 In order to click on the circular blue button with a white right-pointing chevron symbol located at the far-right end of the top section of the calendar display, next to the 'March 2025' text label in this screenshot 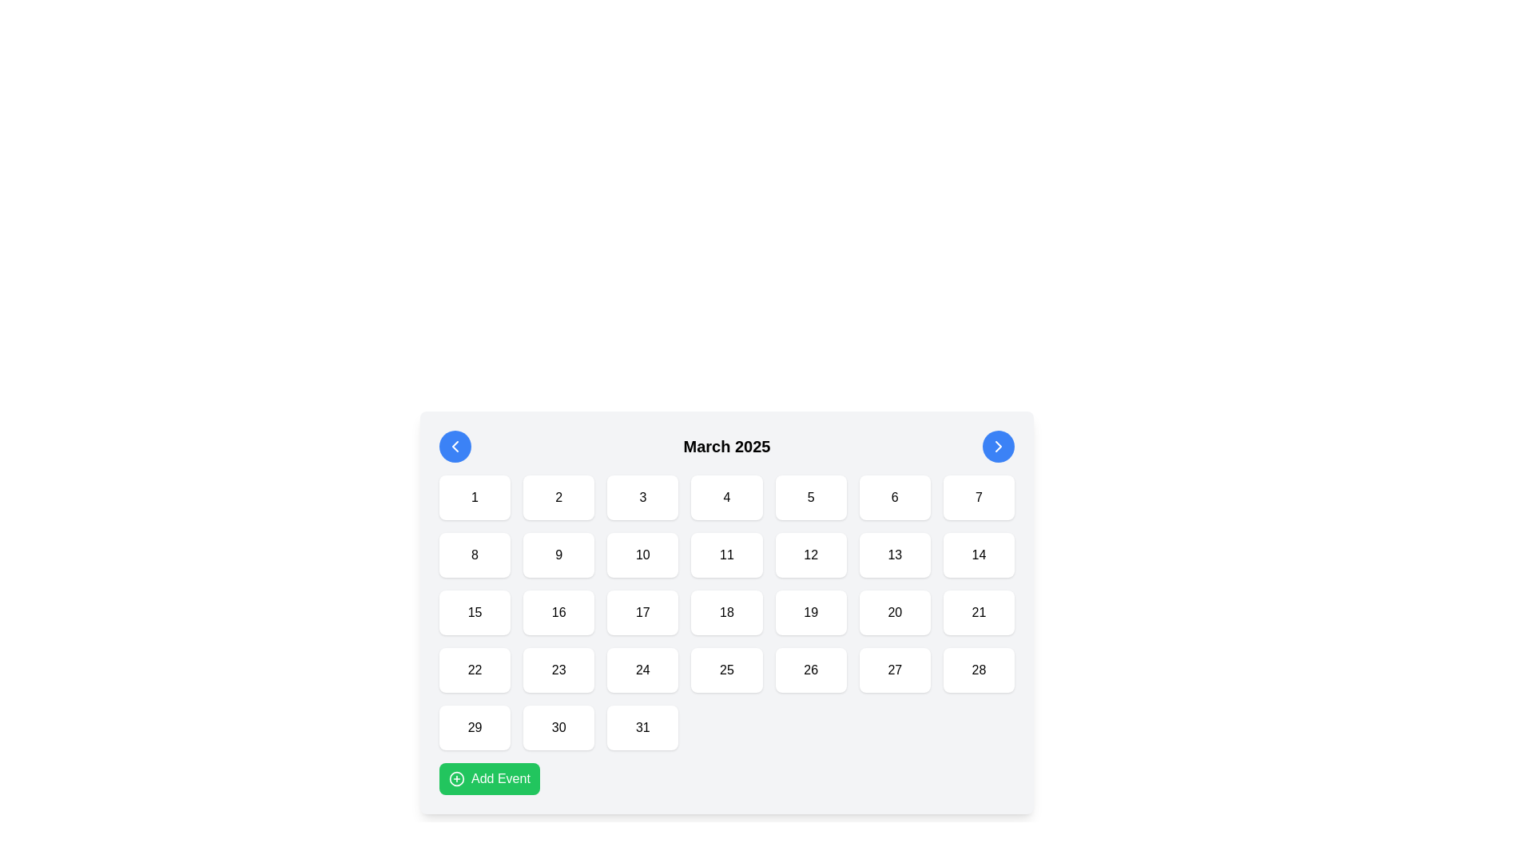, I will do `click(997, 447)`.